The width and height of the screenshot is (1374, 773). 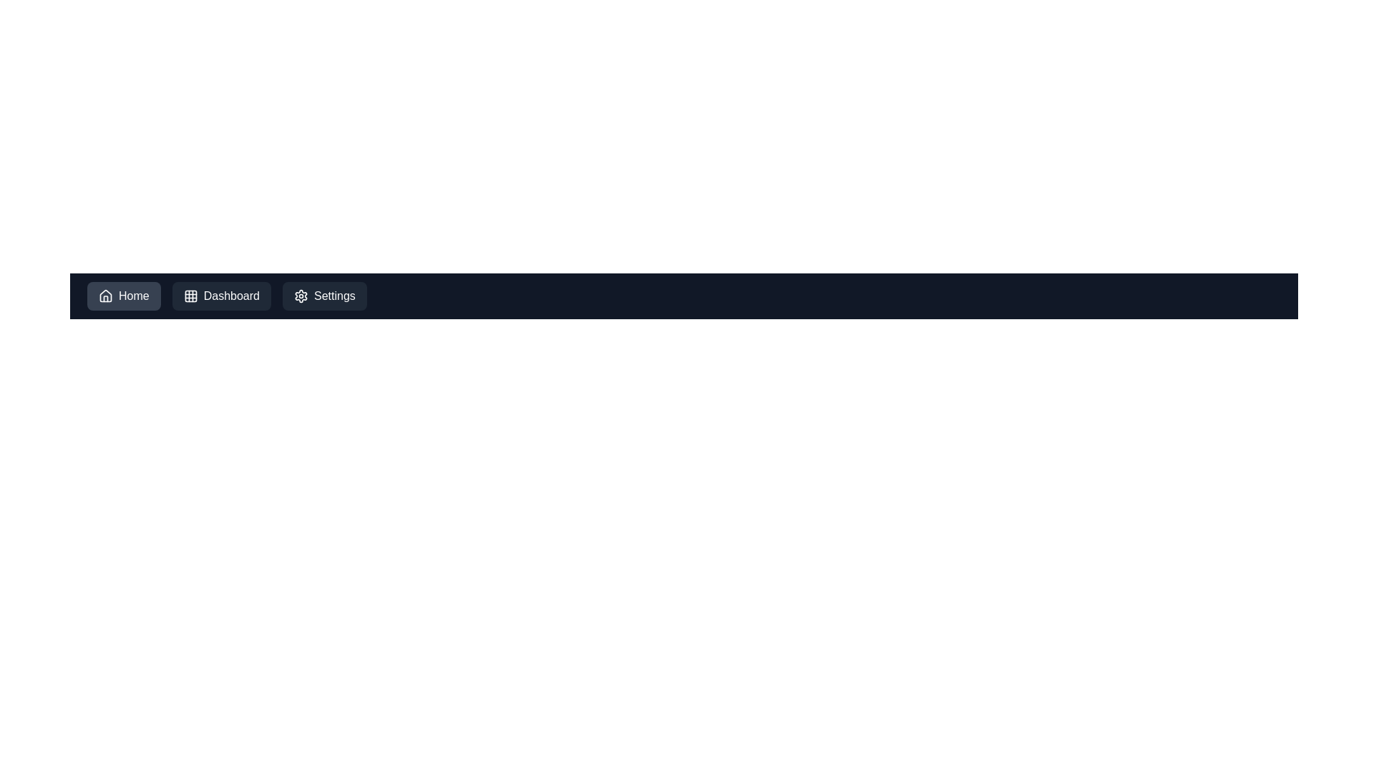 I want to click on the 'Home' button, which is the leftmost button in the horizontal menu bar, so click(x=124, y=295).